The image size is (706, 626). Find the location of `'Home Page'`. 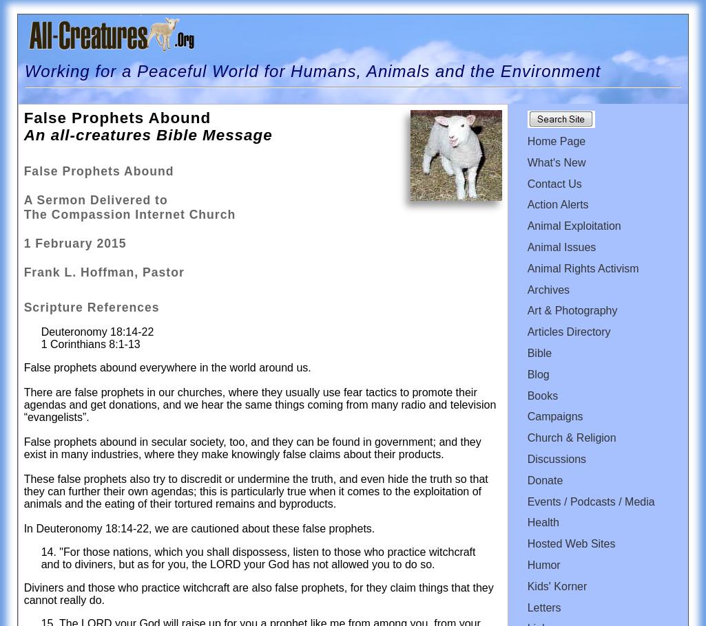

'Home Page' is located at coordinates (526, 140).